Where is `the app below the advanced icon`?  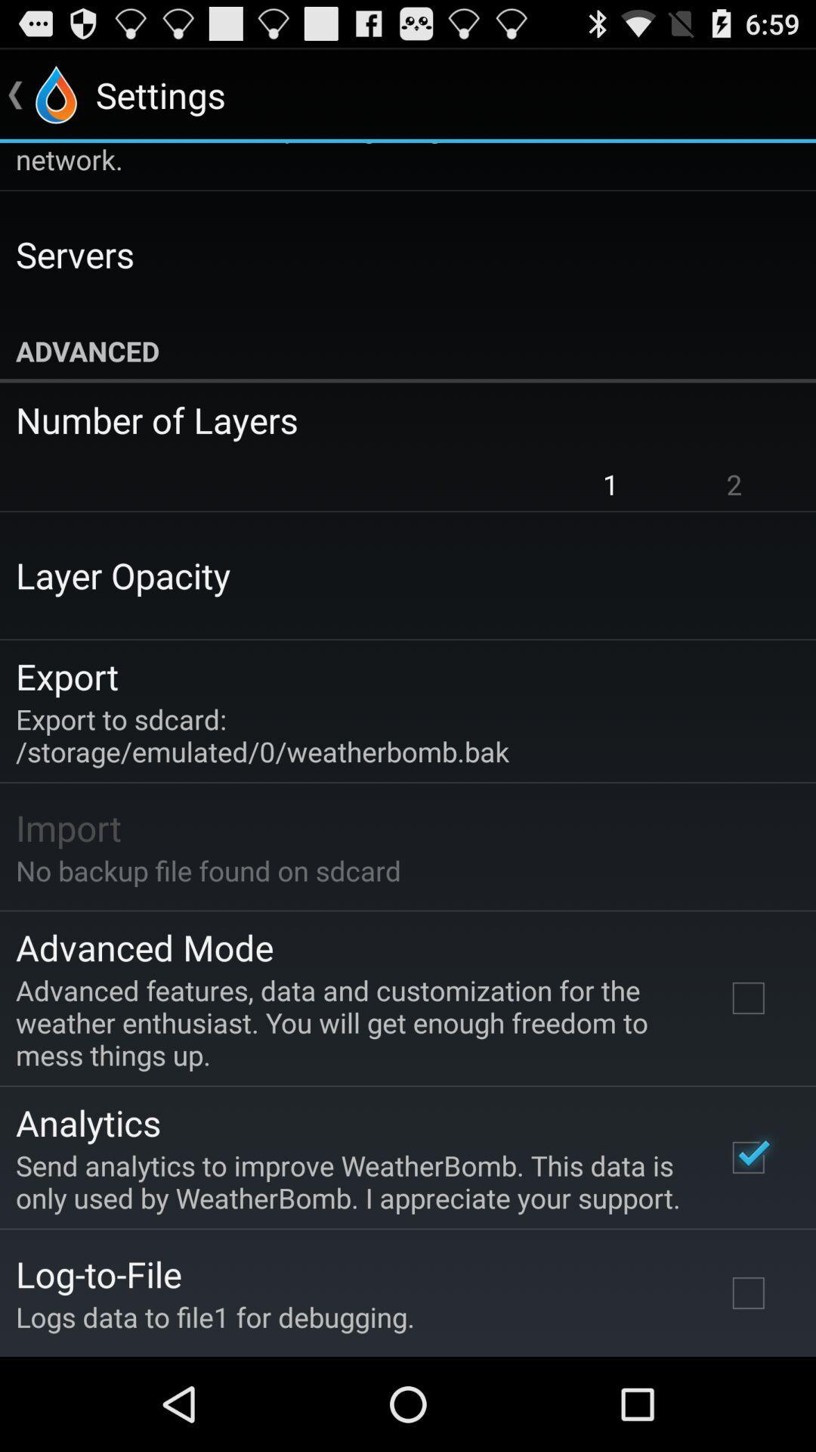 the app below the advanced icon is located at coordinates (397, 420).